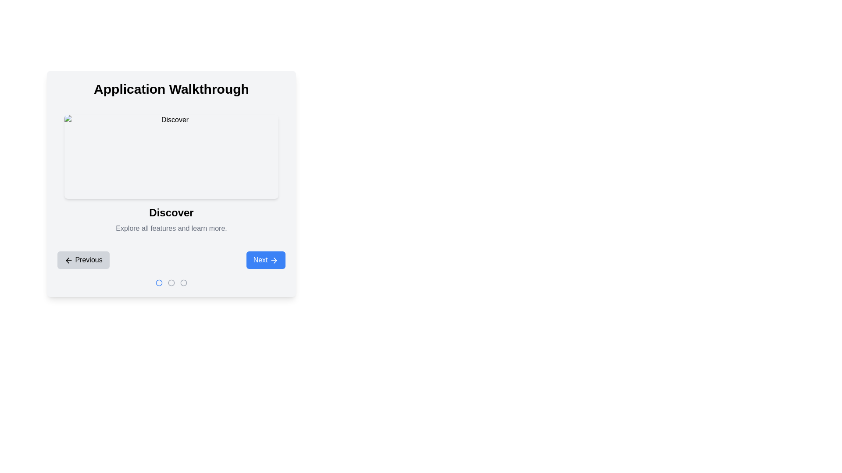 The height and width of the screenshot is (473, 842). Describe the element at coordinates (171, 228) in the screenshot. I see `the text label that reads 'Explore all features and learn more.', which is styled in gray and positioned below the 'Discover' text` at that location.